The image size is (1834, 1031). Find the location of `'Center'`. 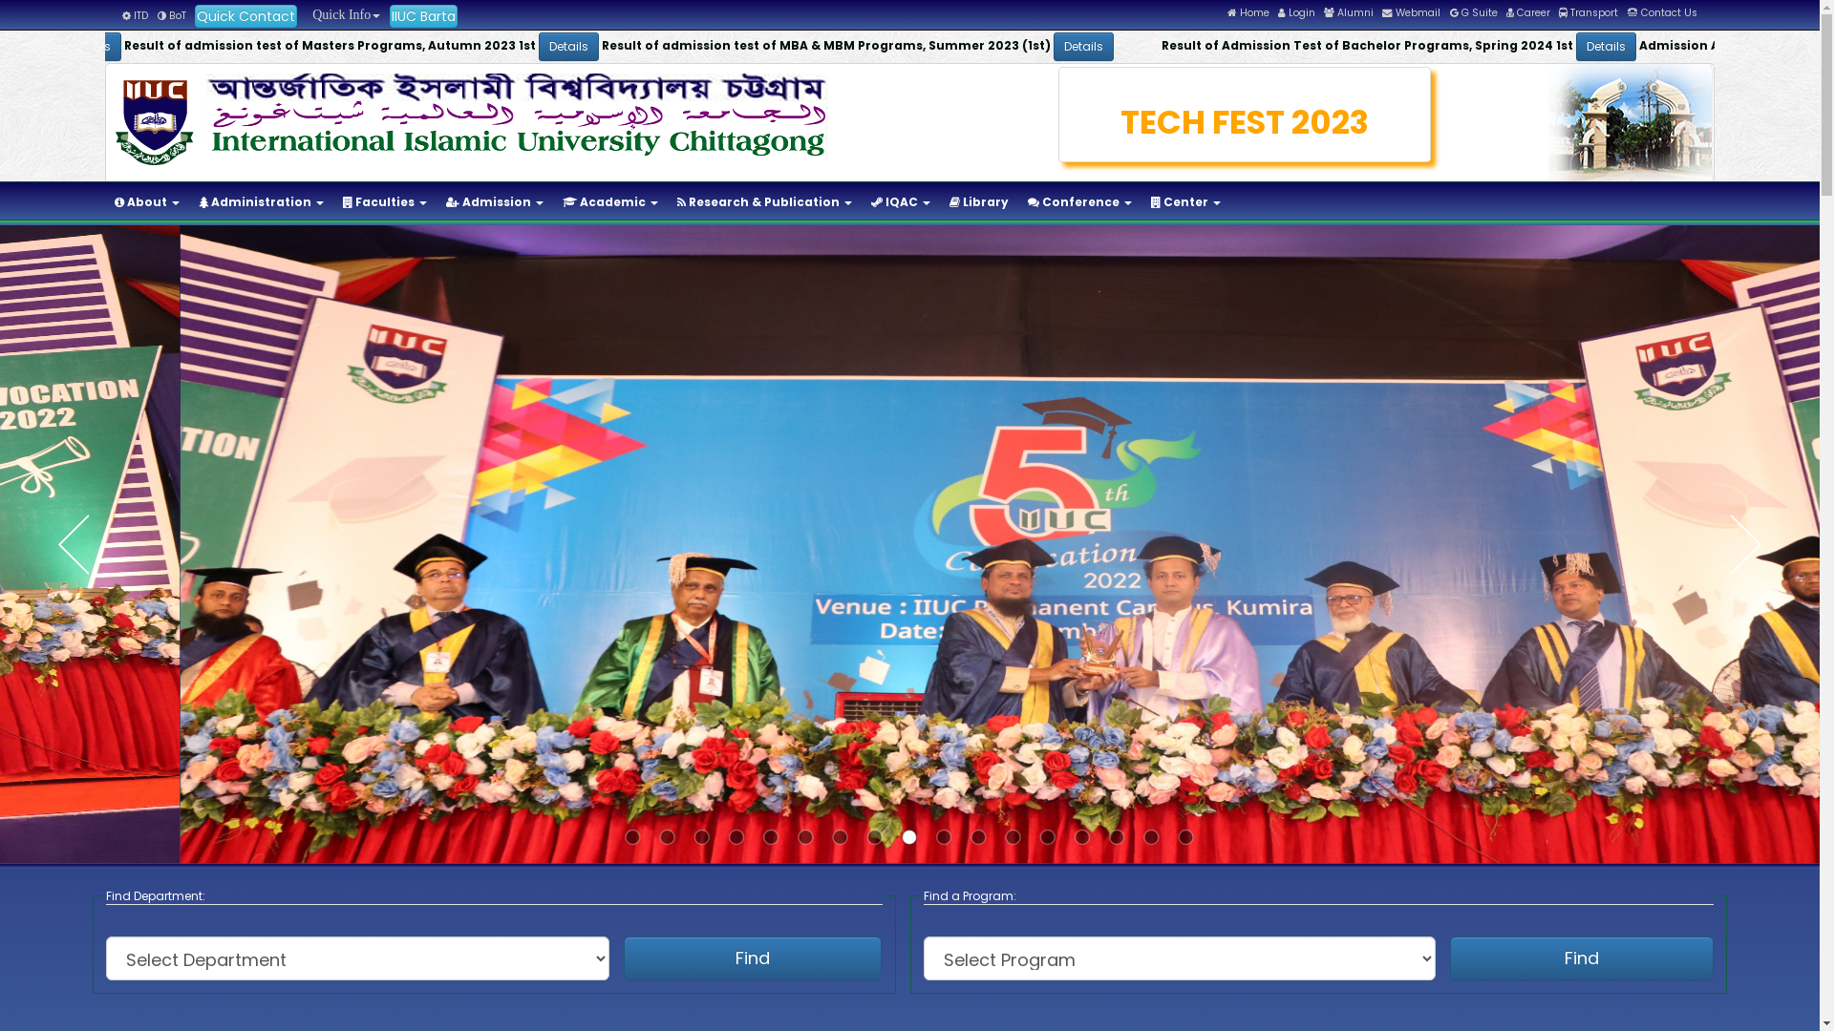

'Center' is located at coordinates (1184, 202).